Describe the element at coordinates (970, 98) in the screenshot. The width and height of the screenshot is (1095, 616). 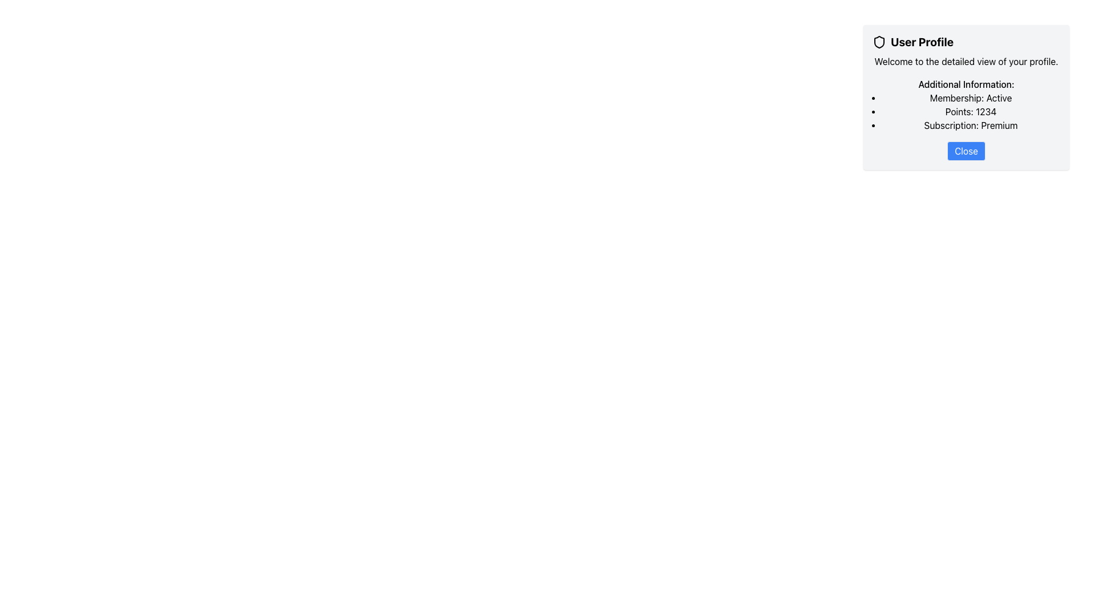
I see `the static text element displaying the user's membership status, which is currently set to 'Active', located at the top of the profile summary card` at that location.